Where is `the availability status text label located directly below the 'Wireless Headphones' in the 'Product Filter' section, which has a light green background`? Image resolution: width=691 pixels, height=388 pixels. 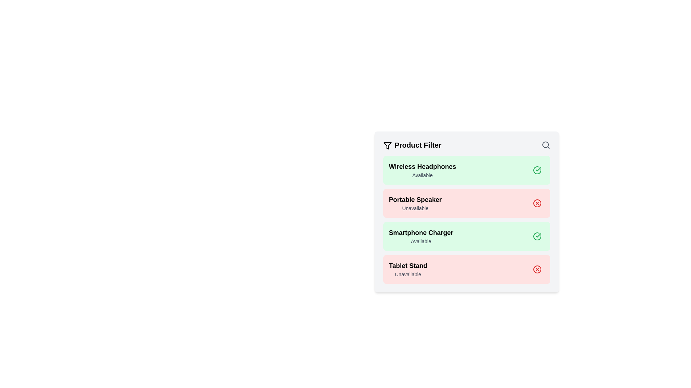 the availability status text label located directly below the 'Wireless Headphones' in the 'Product Filter' section, which has a light green background is located at coordinates (422, 175).